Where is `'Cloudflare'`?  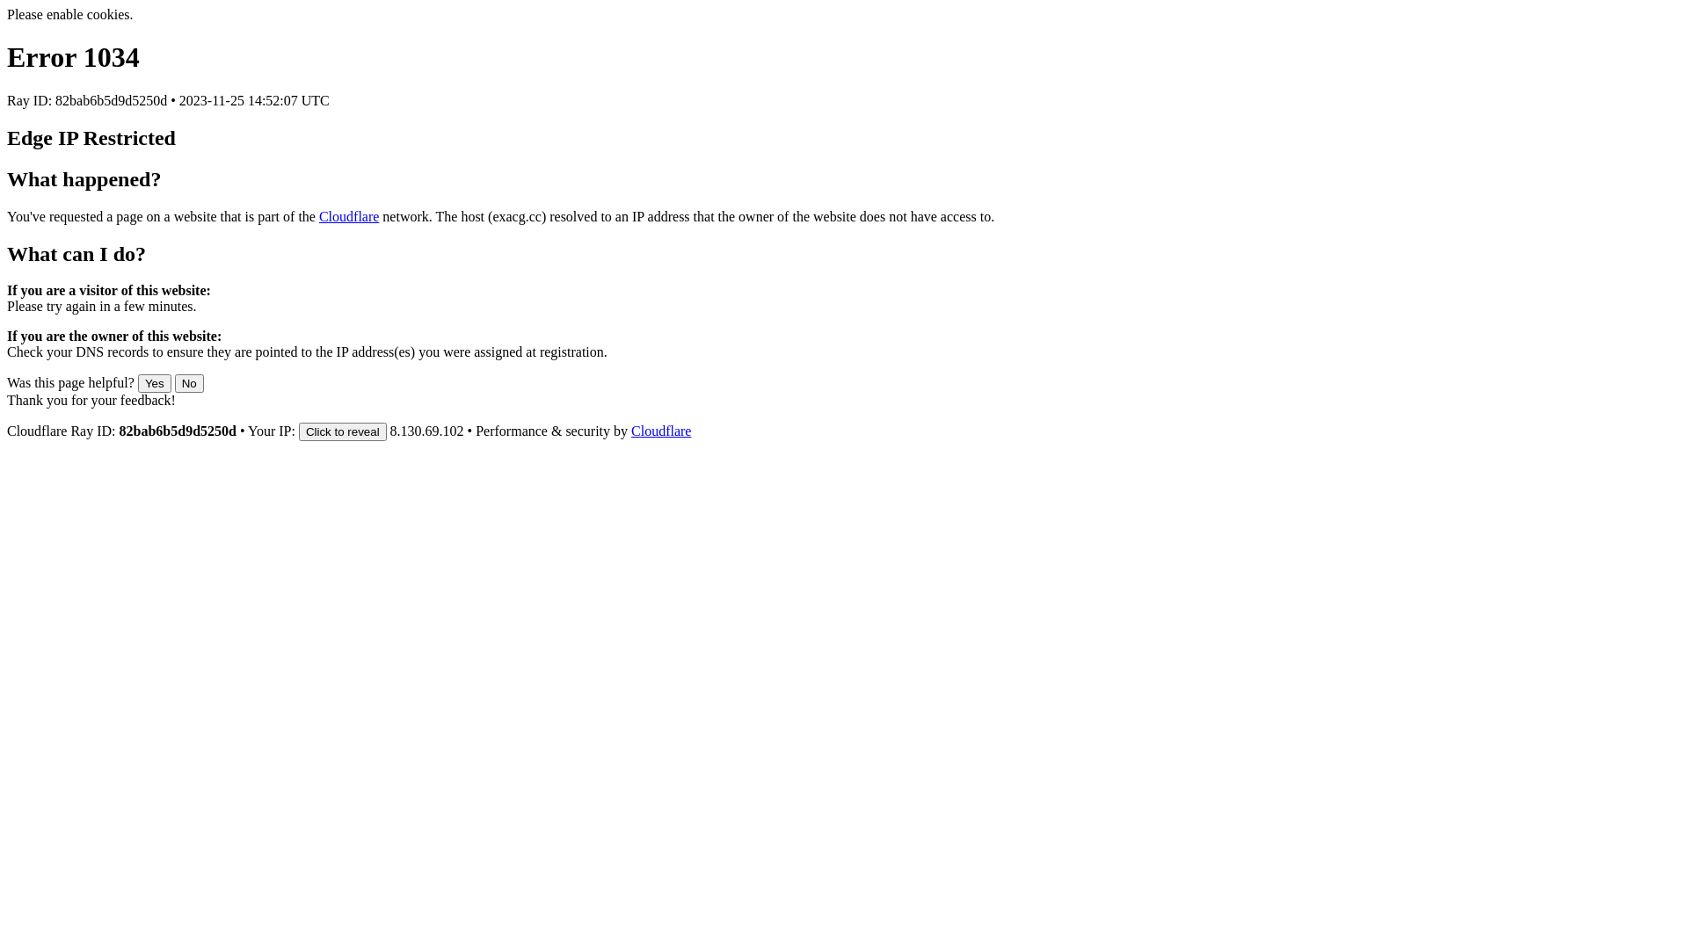 'Cloudflare' is located at coordinates (660, 431).